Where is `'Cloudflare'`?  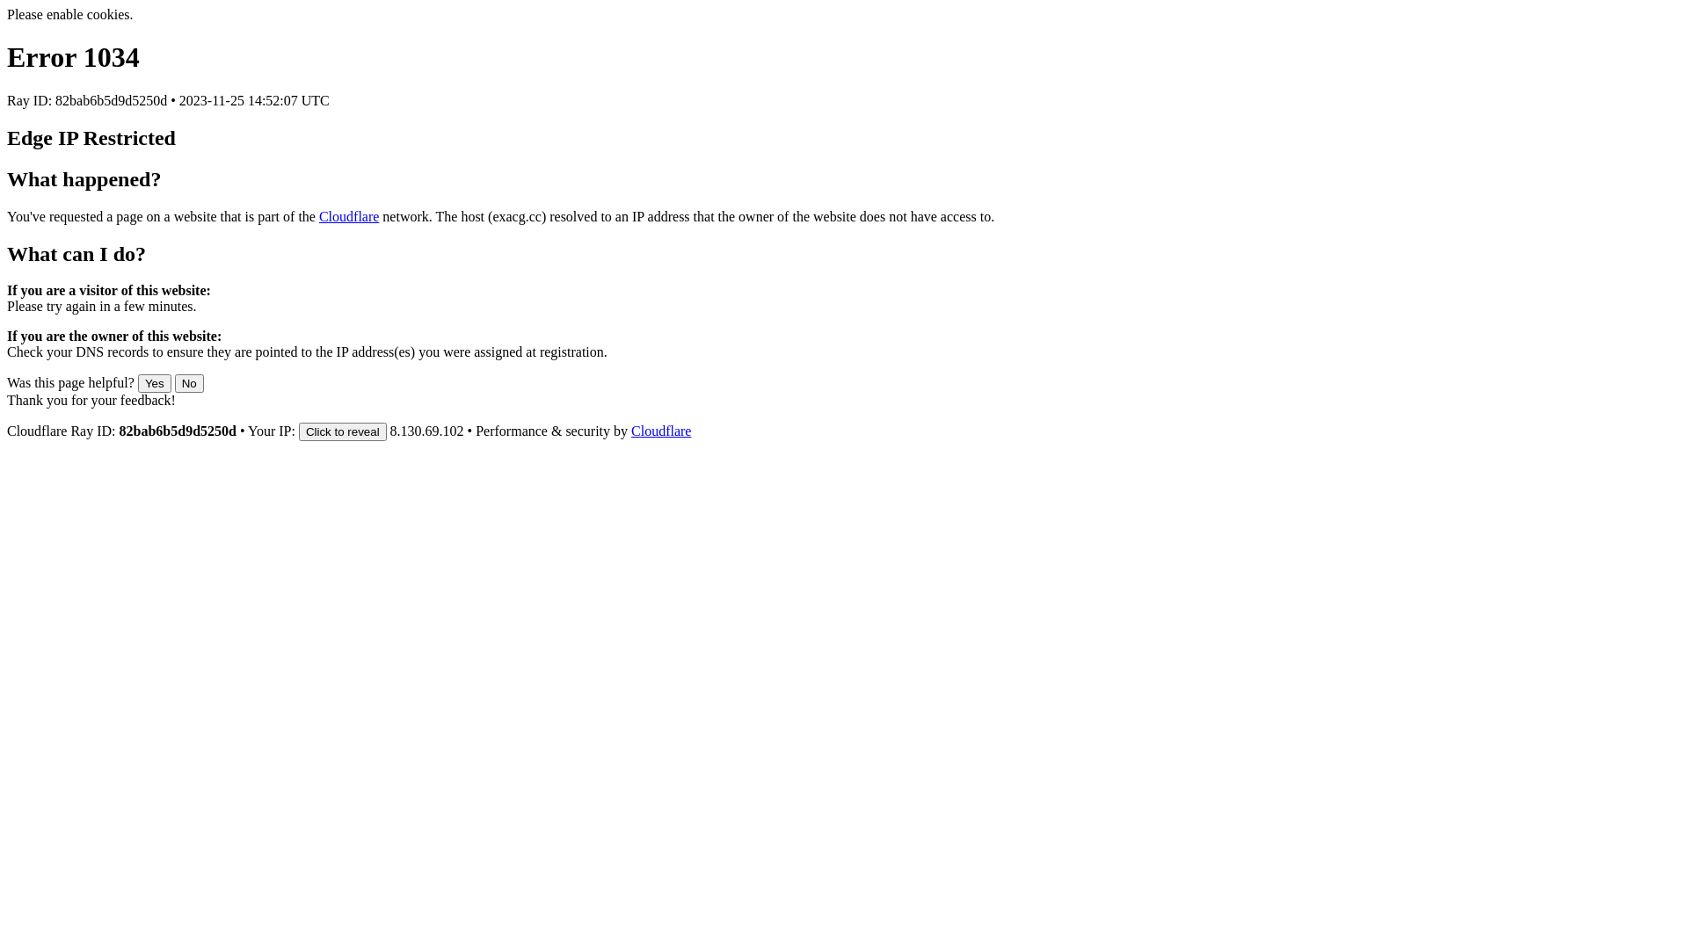 'Cloudflare' is located at coordinates (660, 431).